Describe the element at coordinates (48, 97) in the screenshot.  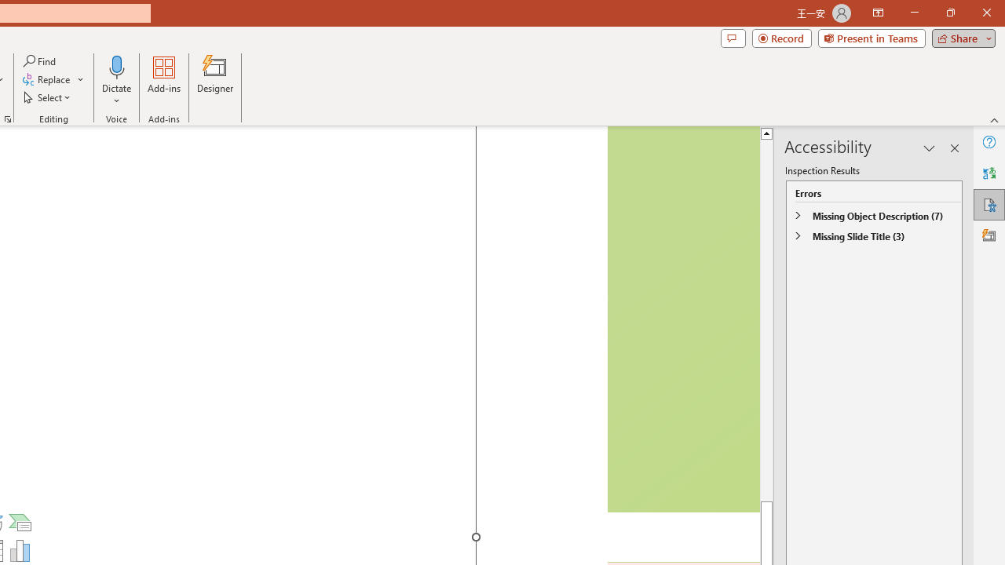
I see `'Select'` at that location.